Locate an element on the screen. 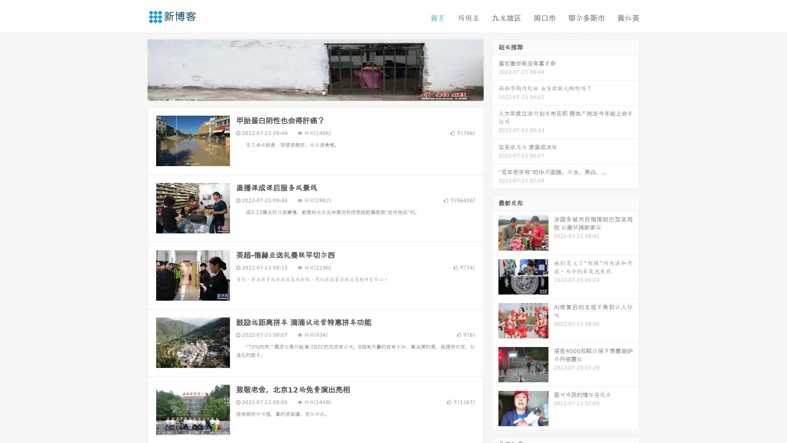  Previous slide is located at coordinates (135, 69).